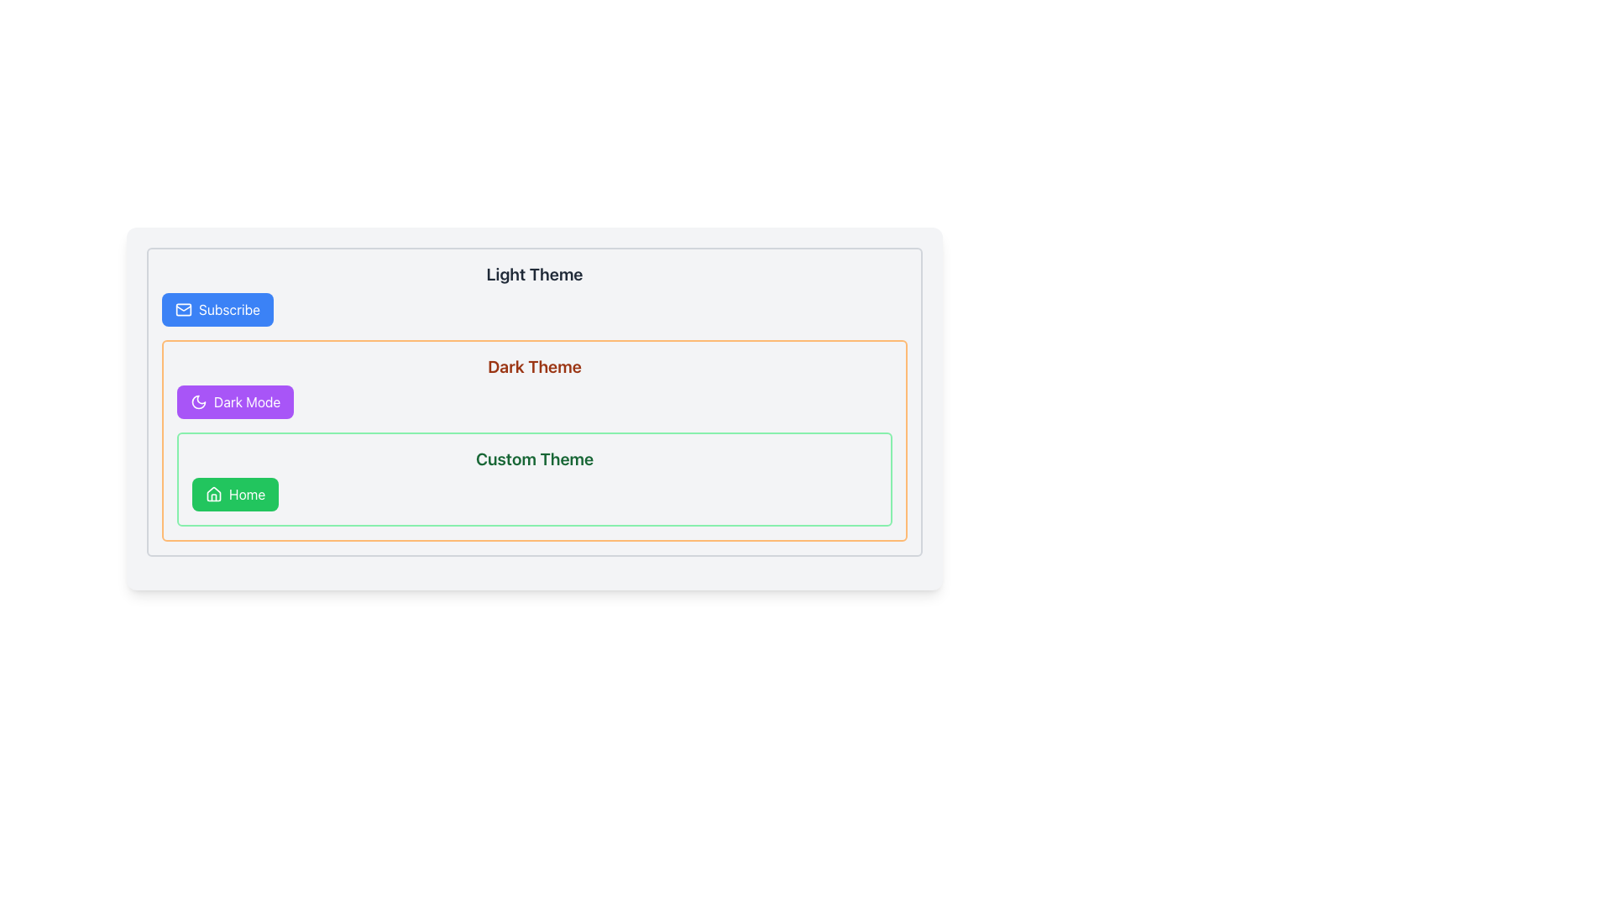 This screenshot has width=1612, height=907. Describe the element at coordinates (534, 365) in the screenshot. I see `the Text Label that serves as a header for the section, positioned above the 'Dark Mode' and 'Custom Theme' elements` at that location.